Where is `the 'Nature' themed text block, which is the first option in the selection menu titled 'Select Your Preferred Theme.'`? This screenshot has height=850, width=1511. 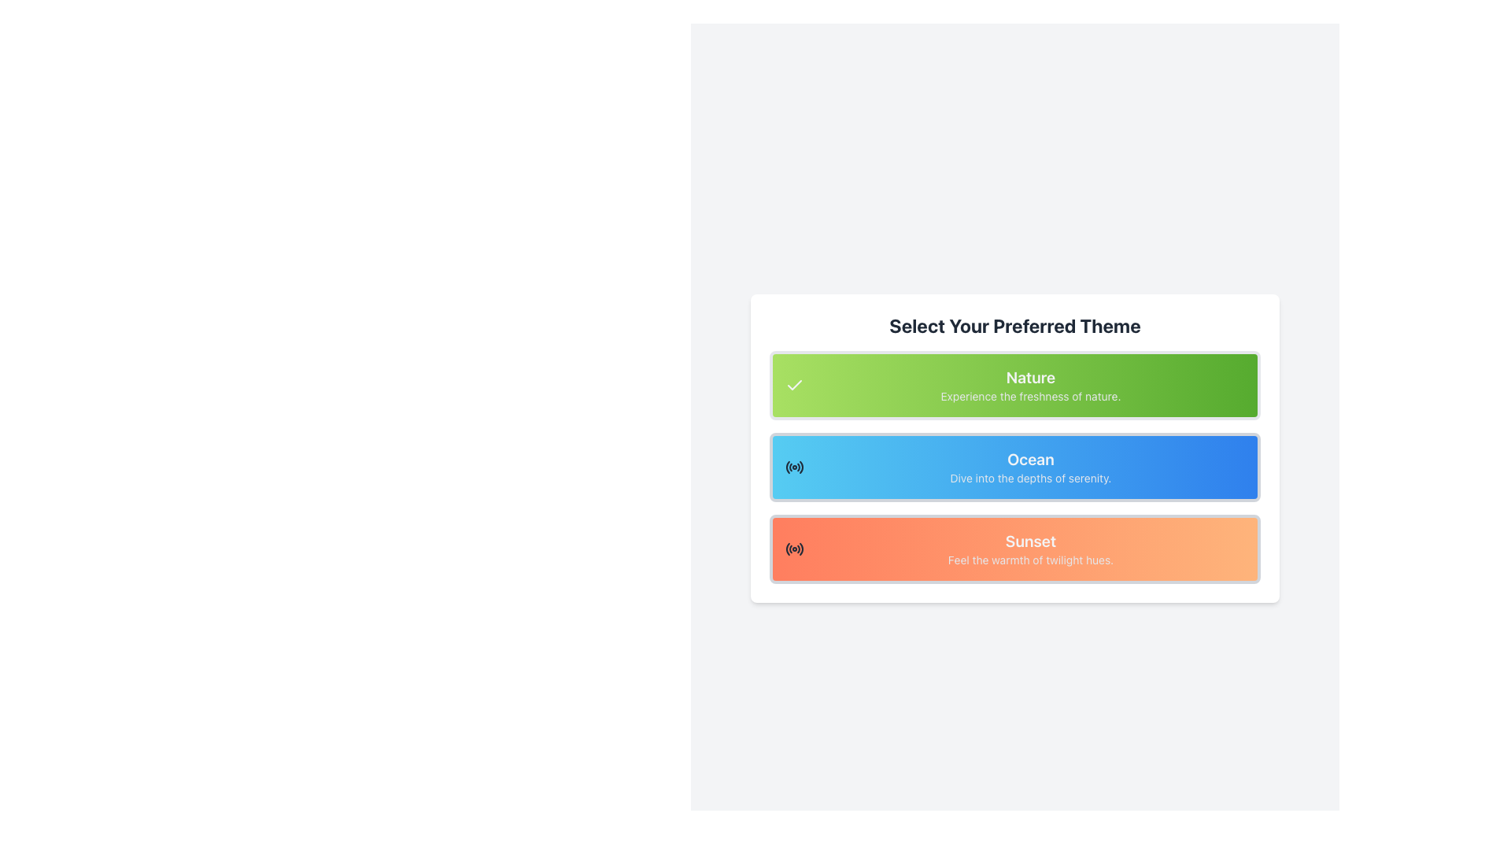
the 'Nature' themed text block, which is the first option in the selection menu titled 'Select Your Preferred Theme.' is located at coordinates (1031, 385).